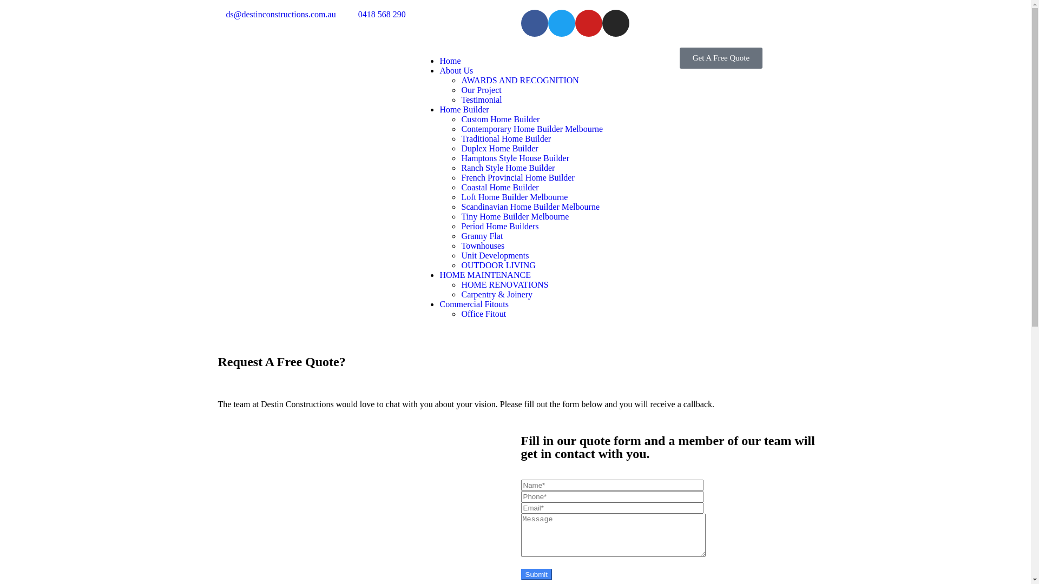 Image resolution: width=1039 pixels, height=584 pixels. What do you see at coordinates (519, 79) in the screenshot?
I see `'AWARDS AND RECOGNITION'` at bounding box center [519, 79].